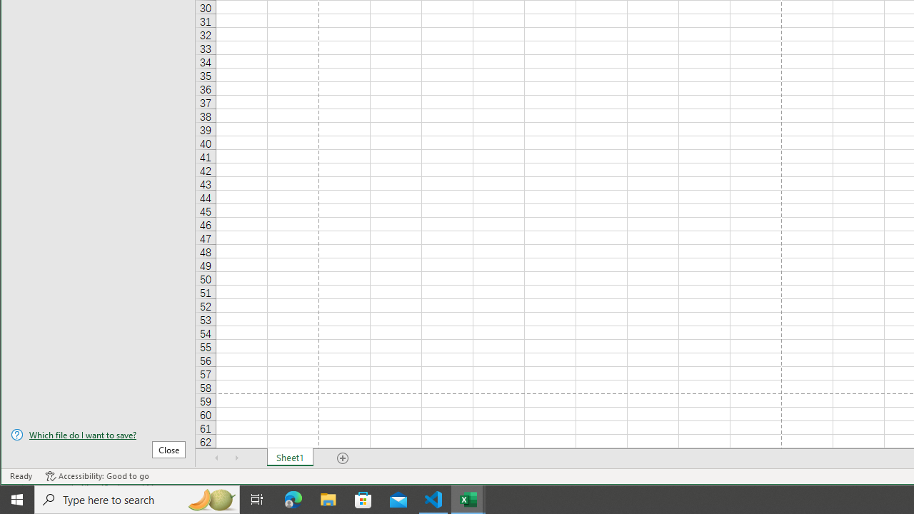  Describe the element at coordinates (363, 498) in the screenshot. I see `'Microsoft Store'` at that location.